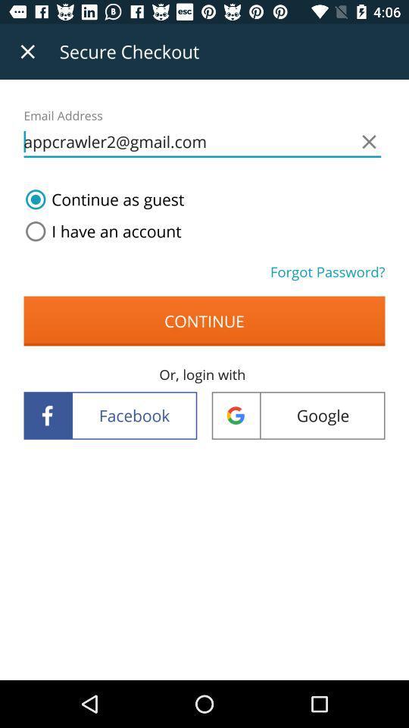  What do you see at coordinates (101, 199) in the screenshot?
I see `the continue as guest icon` at bounding box center [101, 199].